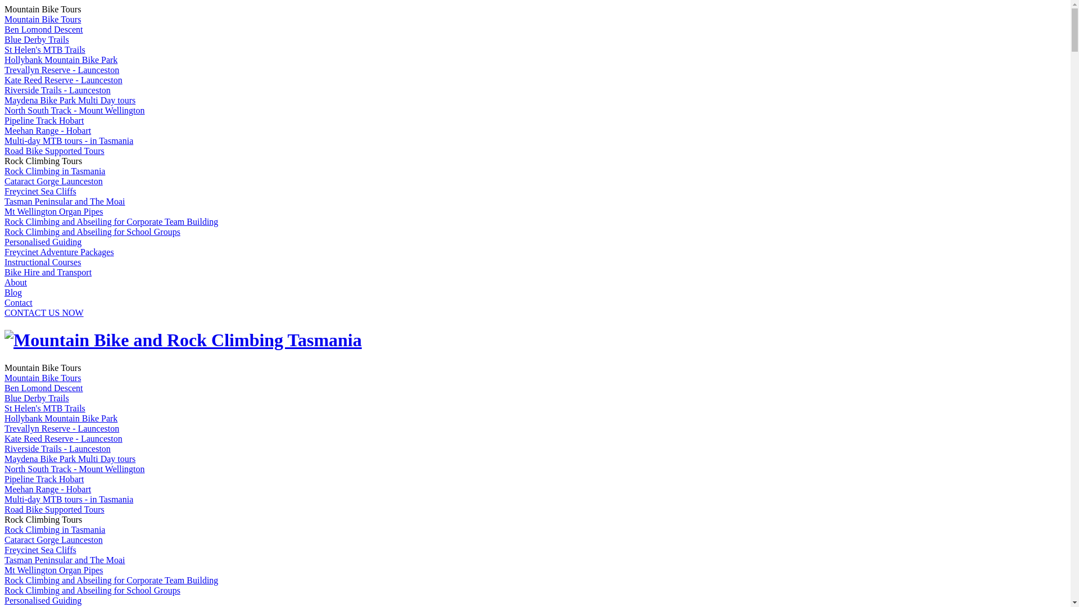  I want to click on 'Road Bike Supported Tours', so click(53, 150).